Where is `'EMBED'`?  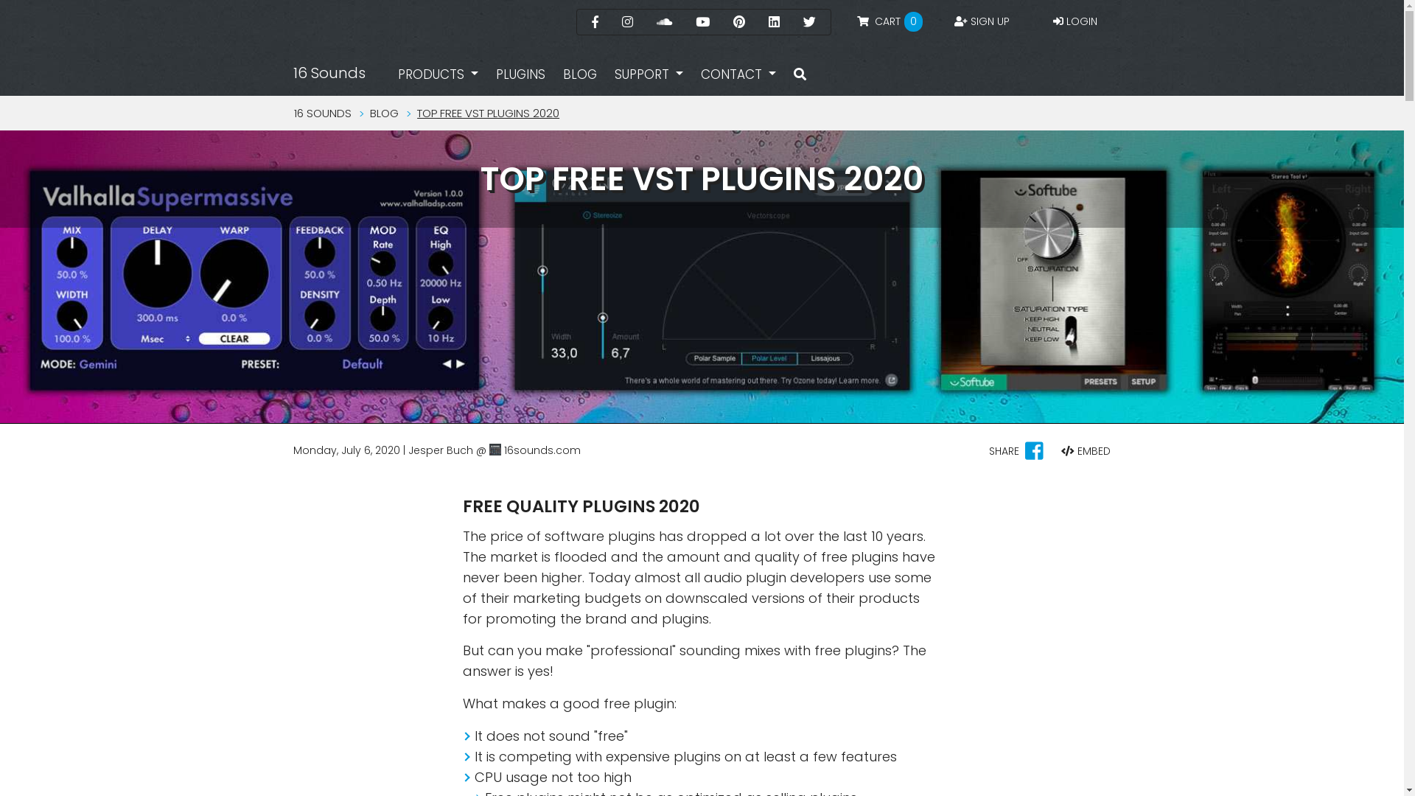 'EMBED' is located at coordinates (1086, 450).